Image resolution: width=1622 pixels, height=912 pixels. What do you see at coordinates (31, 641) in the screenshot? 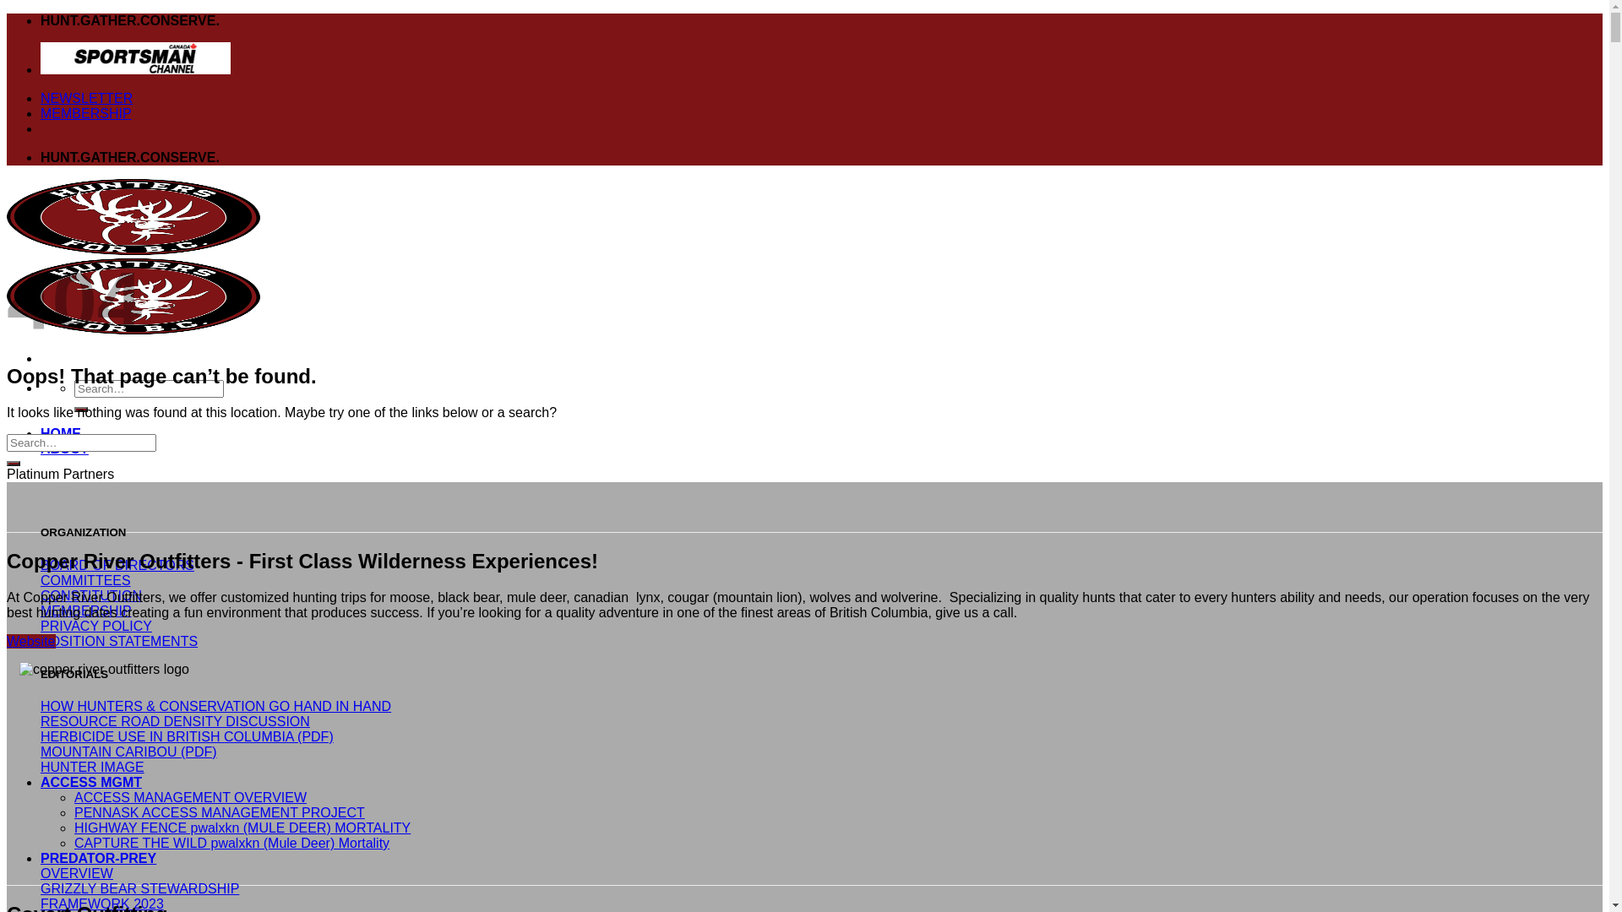
I see `'Website'` at bounding box center [31, 641].